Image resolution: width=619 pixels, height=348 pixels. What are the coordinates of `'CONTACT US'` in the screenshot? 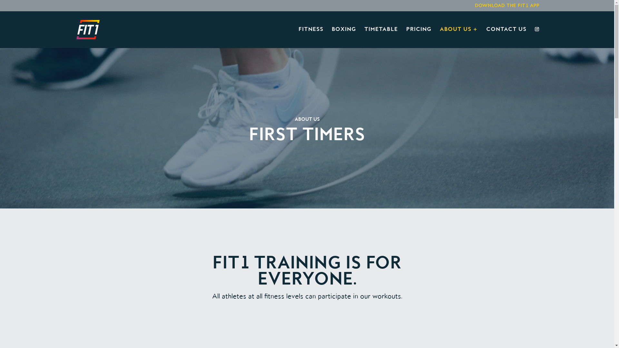 It's located at (506, 37).